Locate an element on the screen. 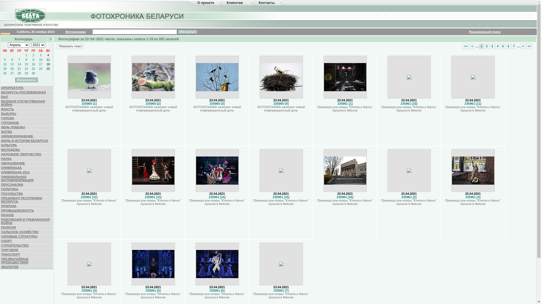 The height and width of the screenshot is (304, 541). '>' is located at coordinates (523, 46).